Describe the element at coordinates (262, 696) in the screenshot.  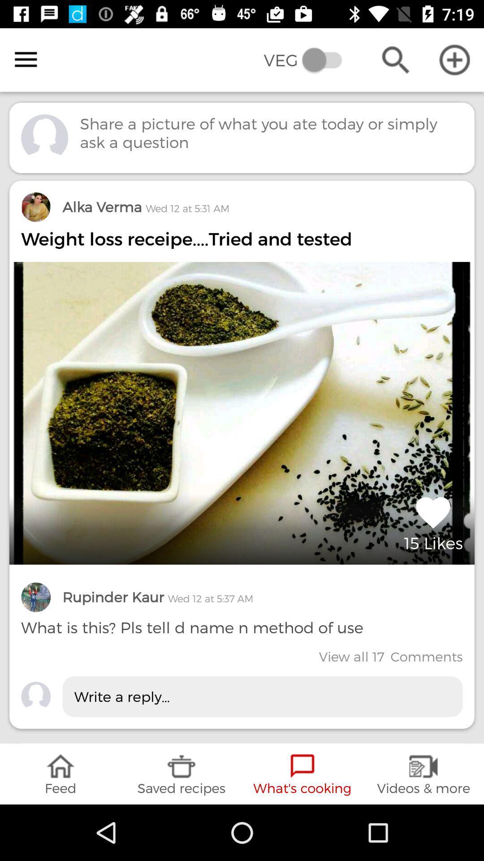
I see `the text which is immediately below view all 17 comments` at that location.